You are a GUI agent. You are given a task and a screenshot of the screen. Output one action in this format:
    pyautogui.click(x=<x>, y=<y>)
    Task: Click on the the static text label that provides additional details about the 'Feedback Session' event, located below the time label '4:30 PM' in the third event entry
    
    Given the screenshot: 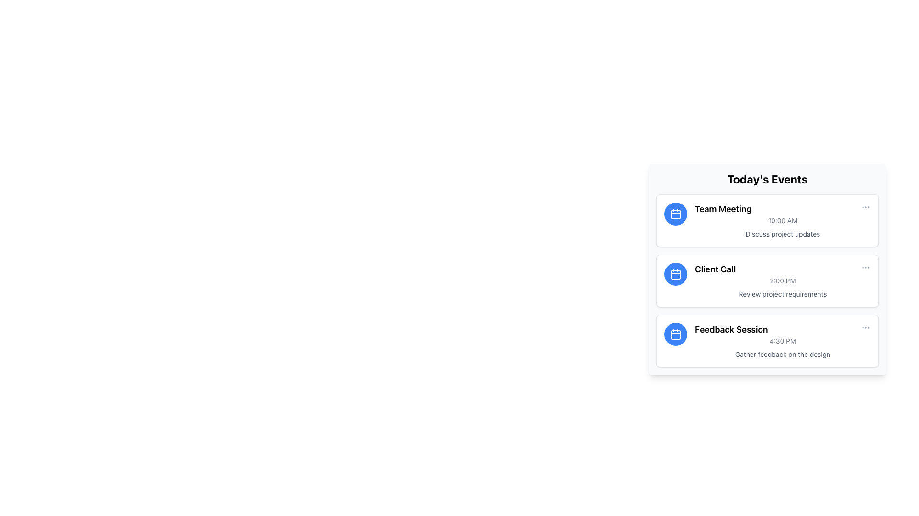 What is the action you would take?
    pyautogui.click(x=783, y=354)
    